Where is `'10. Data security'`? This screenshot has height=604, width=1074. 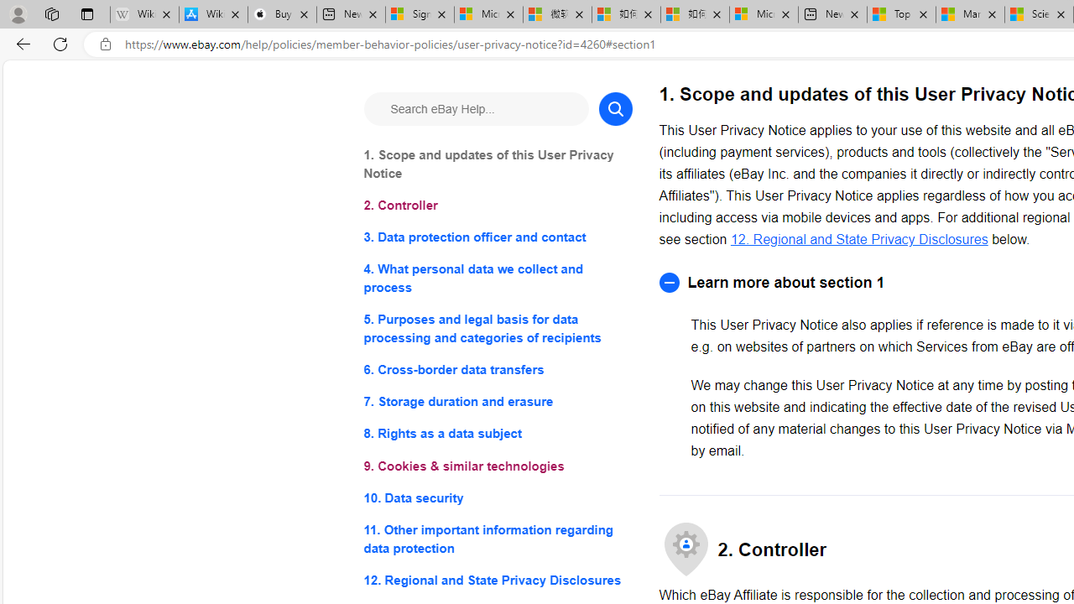 '10. Data security' is located at coordinates (497, 497).